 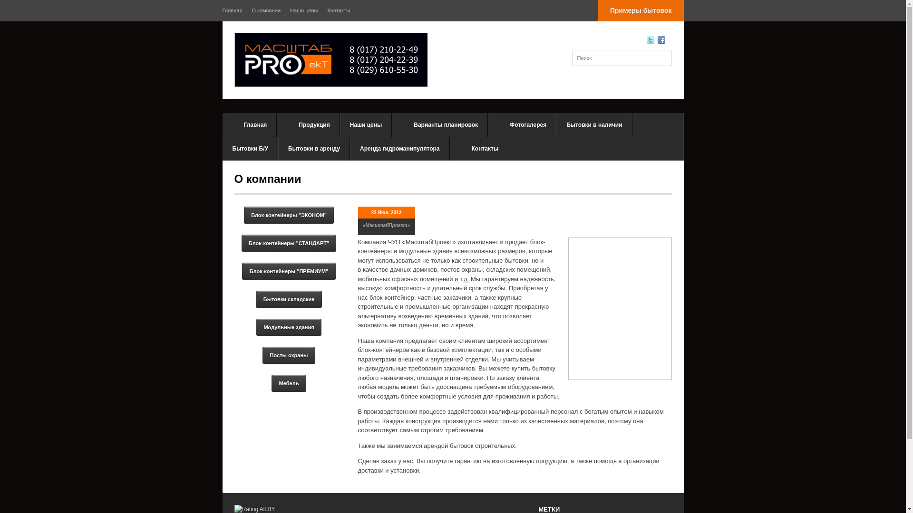 I want to click on 'facebook', so click(x=657, y=39).